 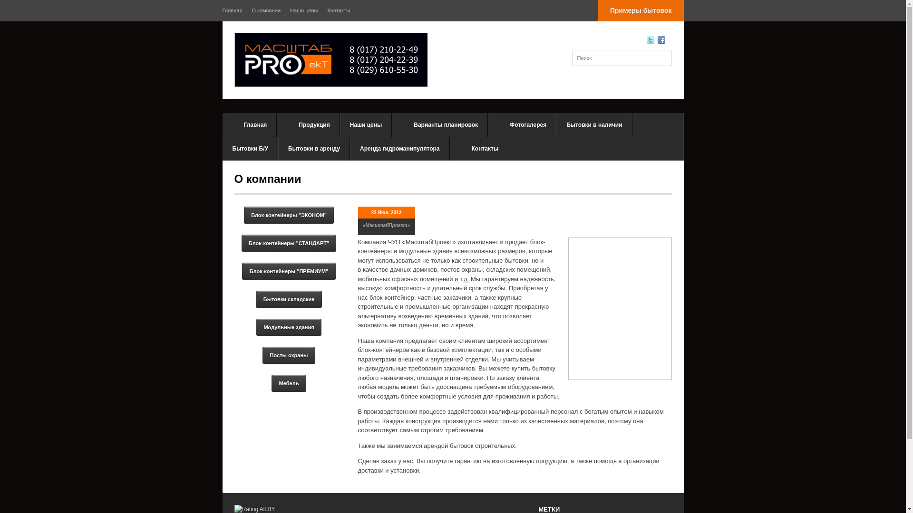 I want to click on 'facebook', so click(x=657, y=39).